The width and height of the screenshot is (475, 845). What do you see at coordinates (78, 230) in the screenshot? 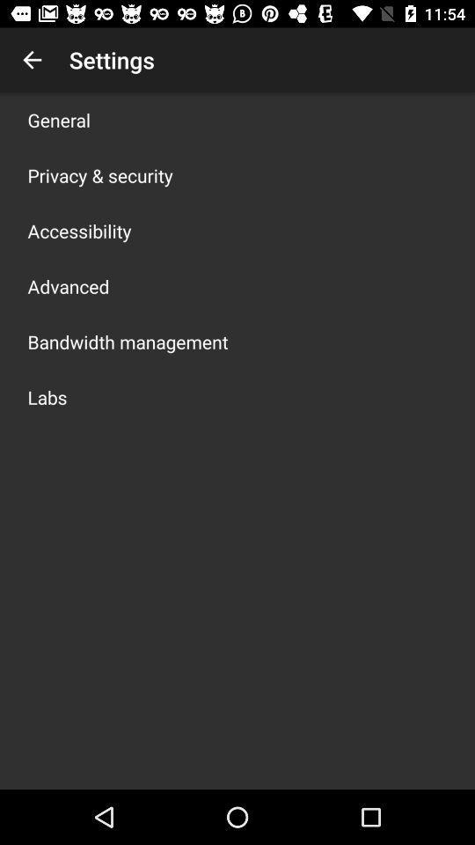
I see `the icon above advanced icon` at bounding box center [78, 230].